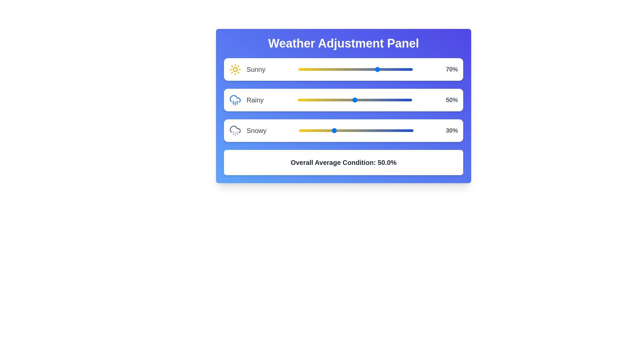 This screenshot has height=359, width=638. What do you see at coordinates (407, 131) in the screenshot?
I see `the snowy condition percentage` at bounding box center [407, 131].